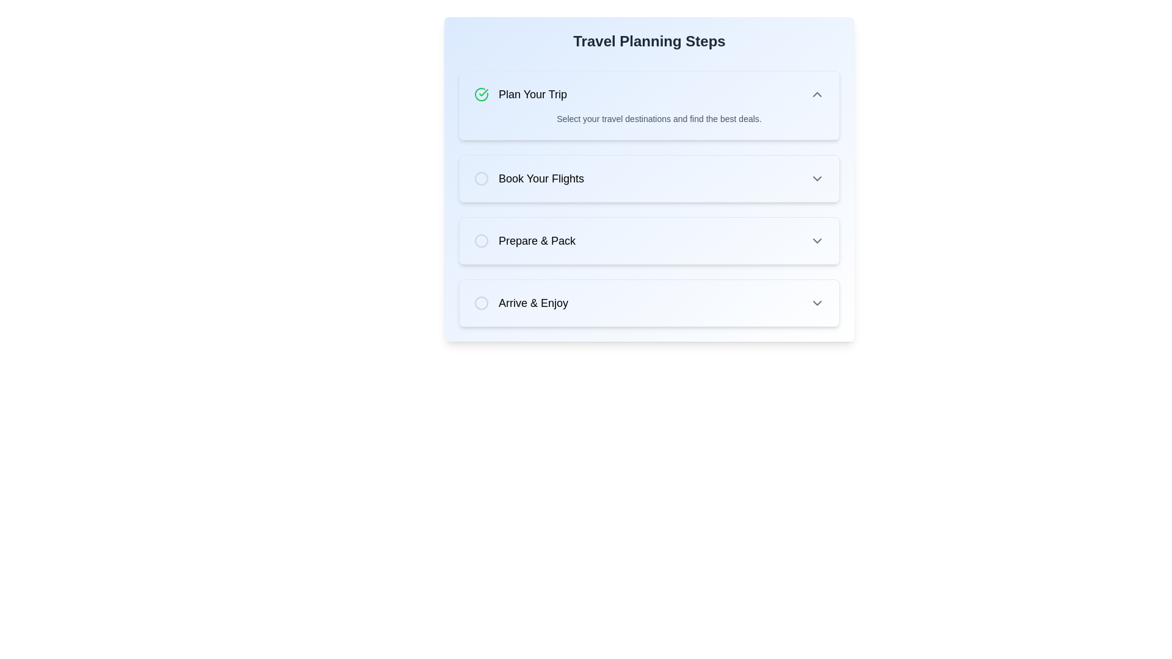 The image size is (1172, 659). Describe the element at coordinates (541, 179) in the screenshot. I see `the Text label that serves as a header or title for a subsection of the travel planning process, positioned to the right of a circular icon in the second list item of the 'Travel Planning Steps' list` at that location.